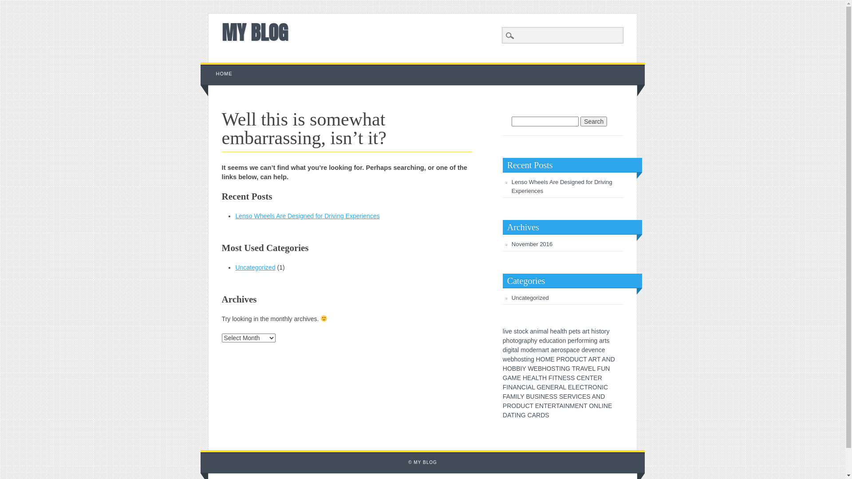 This screenshot has height=479, width=852. I want to click on 'i', so click(512, 349).